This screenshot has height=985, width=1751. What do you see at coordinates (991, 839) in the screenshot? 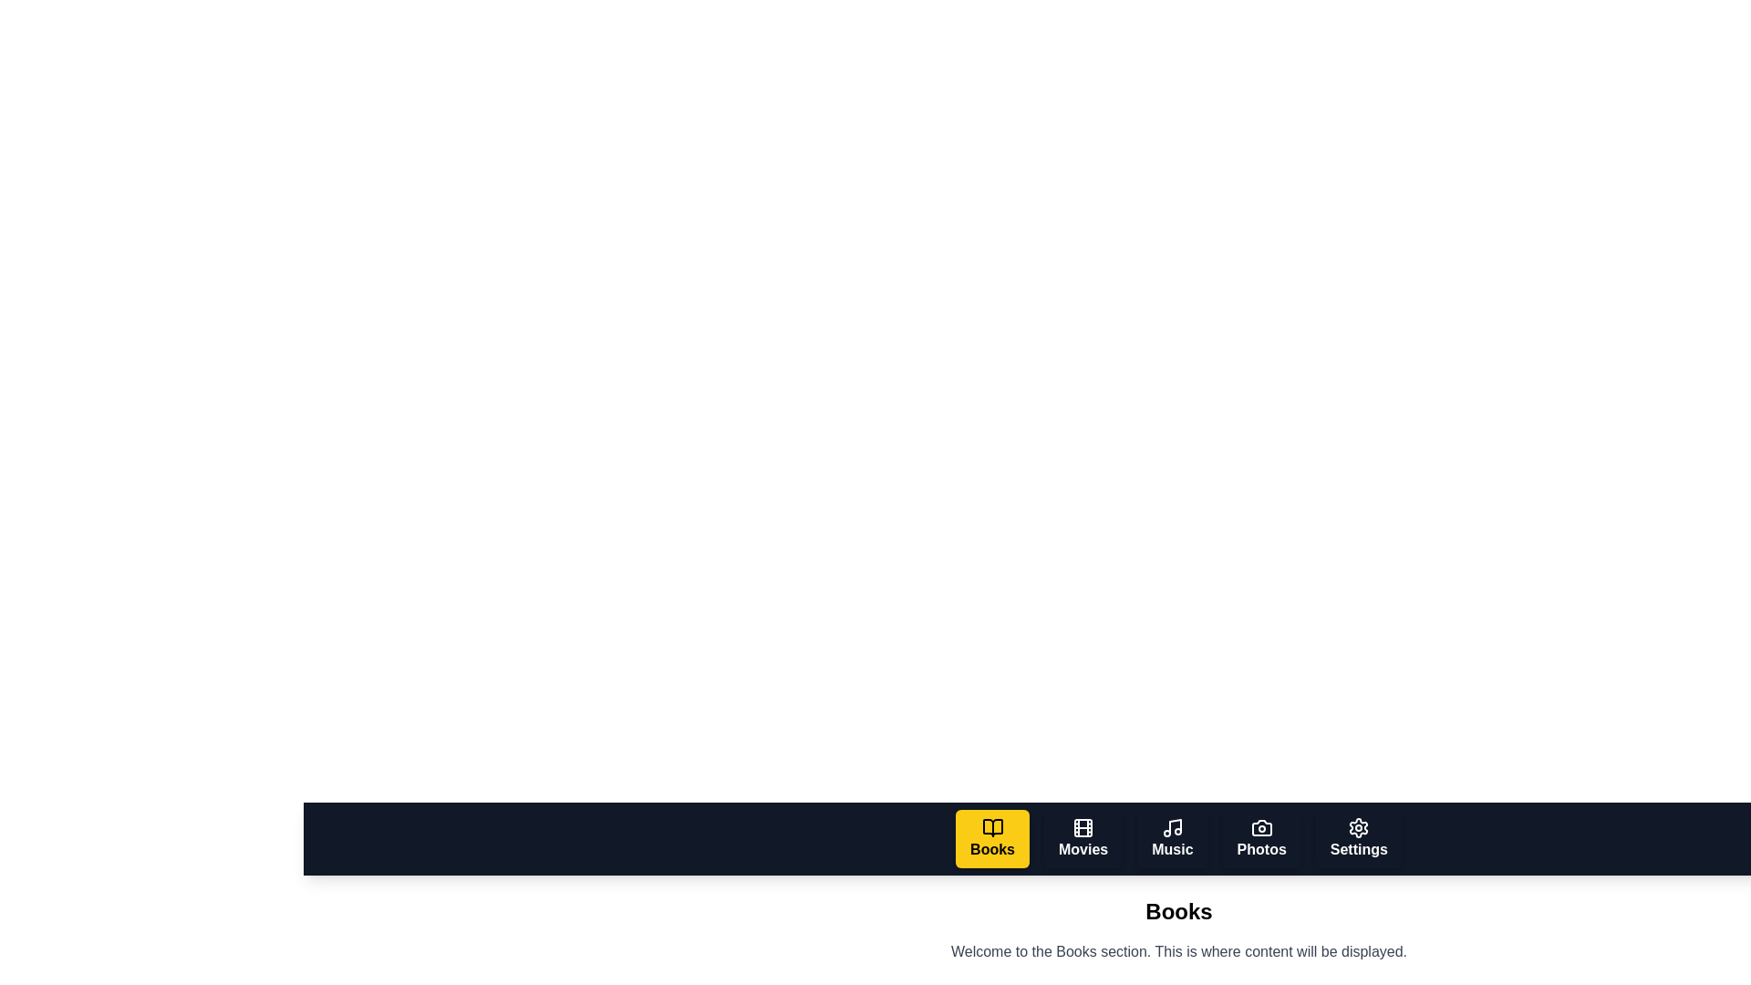
I see `the Books tab by clicking on its button` at bounding box center [991, 839].